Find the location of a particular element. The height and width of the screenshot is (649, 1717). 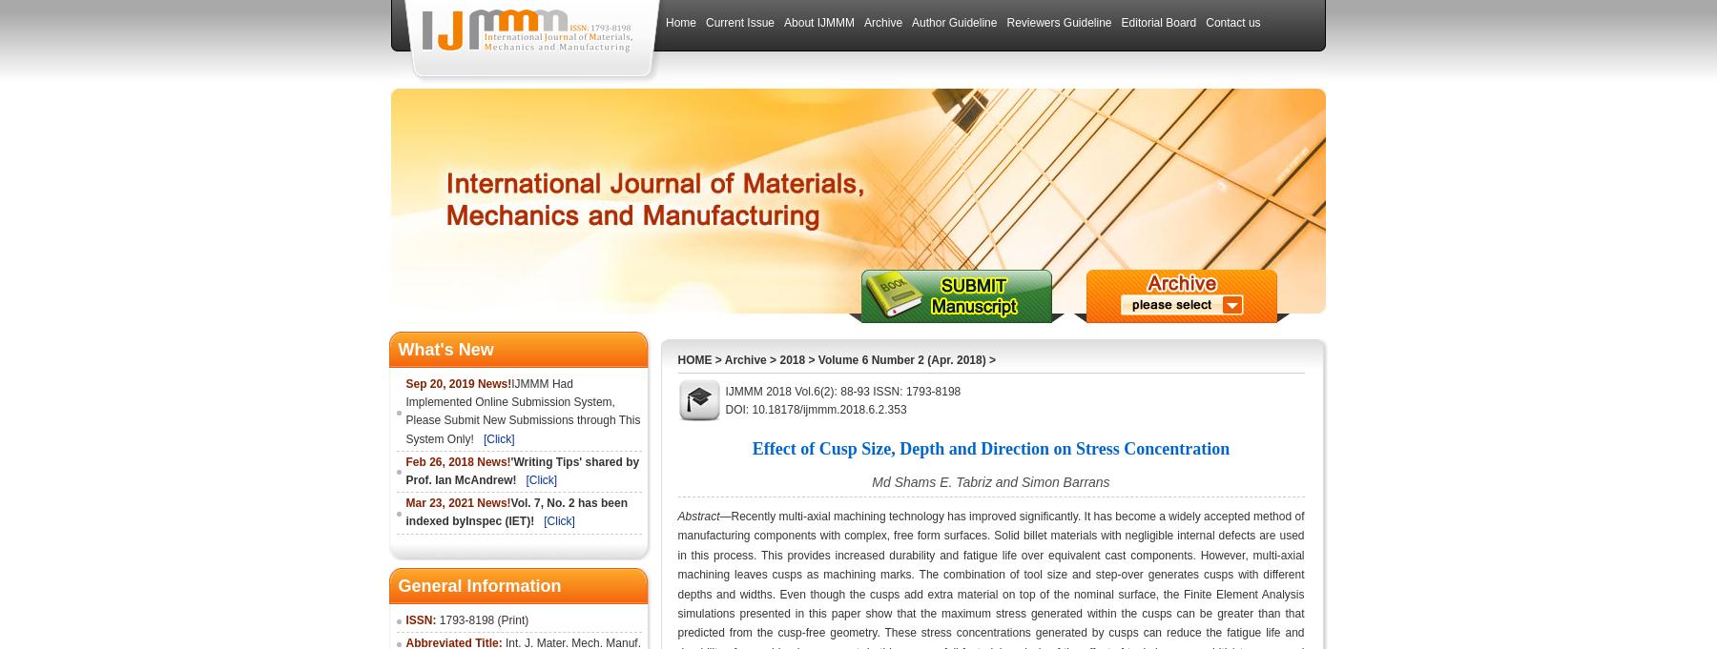

'Md Shams E. Tabriz and Simon Barrans' is located at coordinates (990, 481).